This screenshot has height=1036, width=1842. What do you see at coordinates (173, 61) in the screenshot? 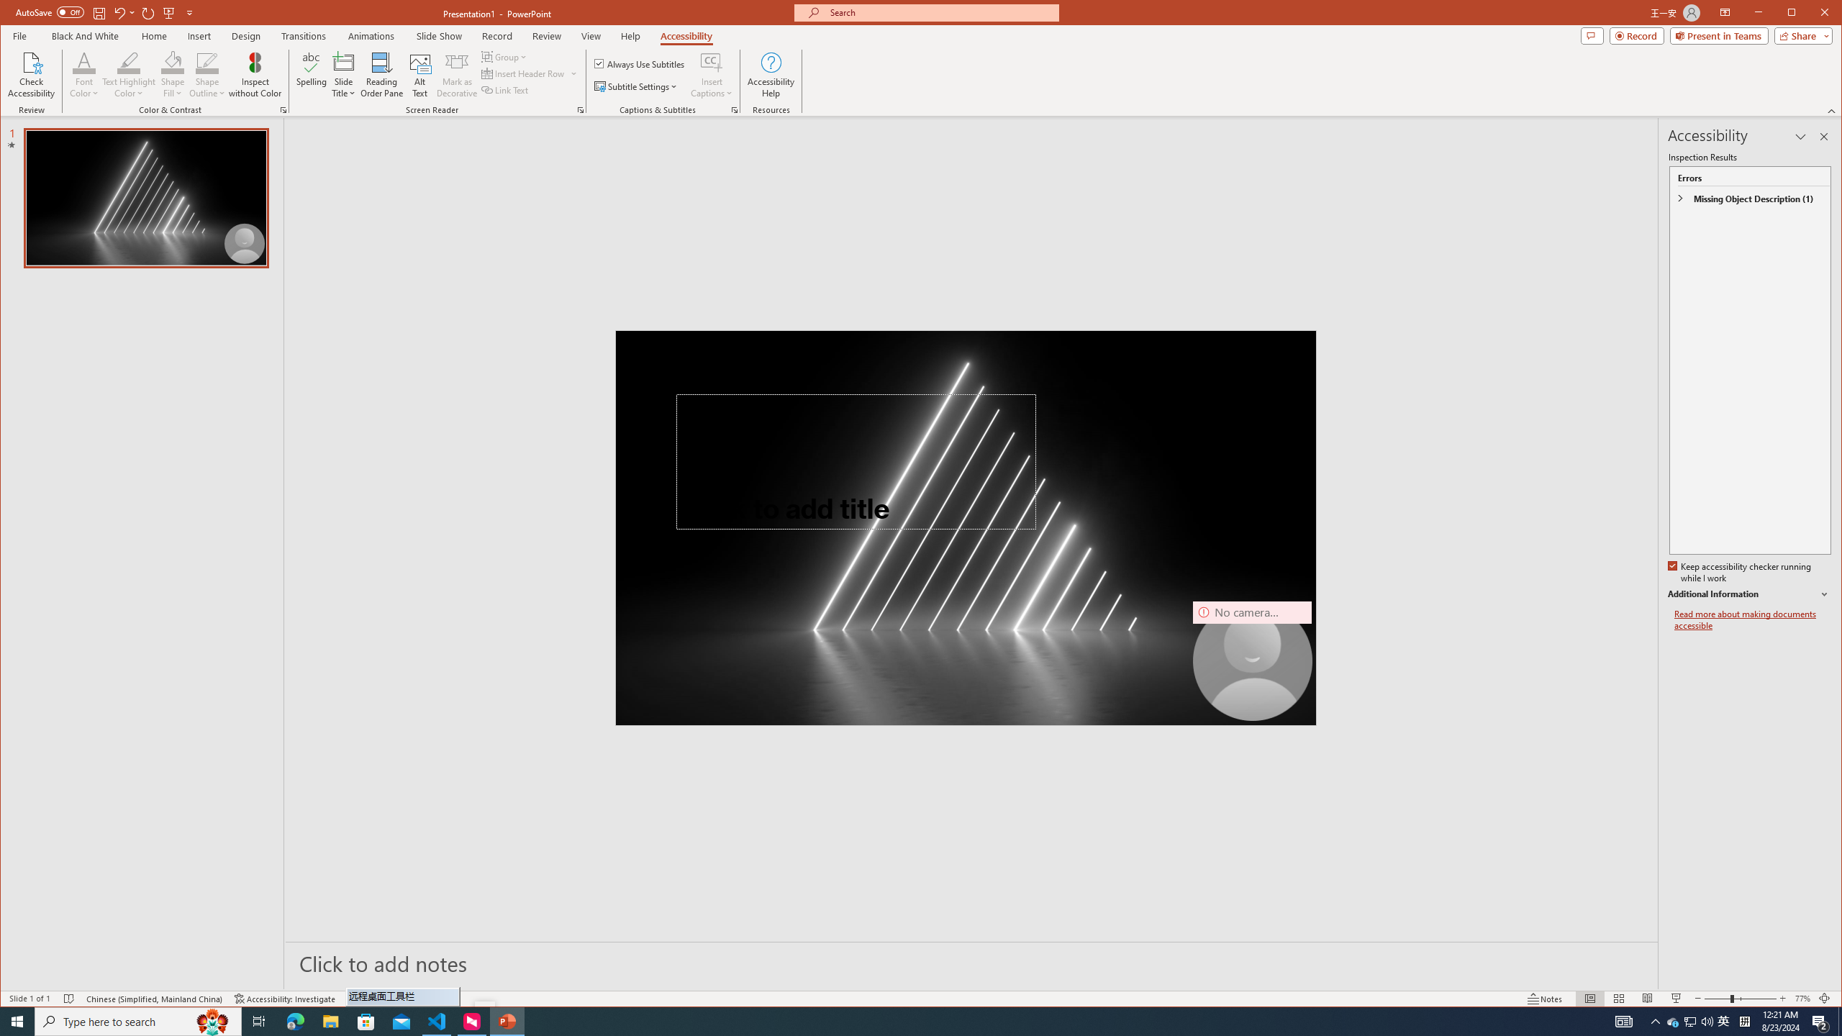
I see `'Shape Fill Orange, Accent 2'` at bounding box center [173, 61].